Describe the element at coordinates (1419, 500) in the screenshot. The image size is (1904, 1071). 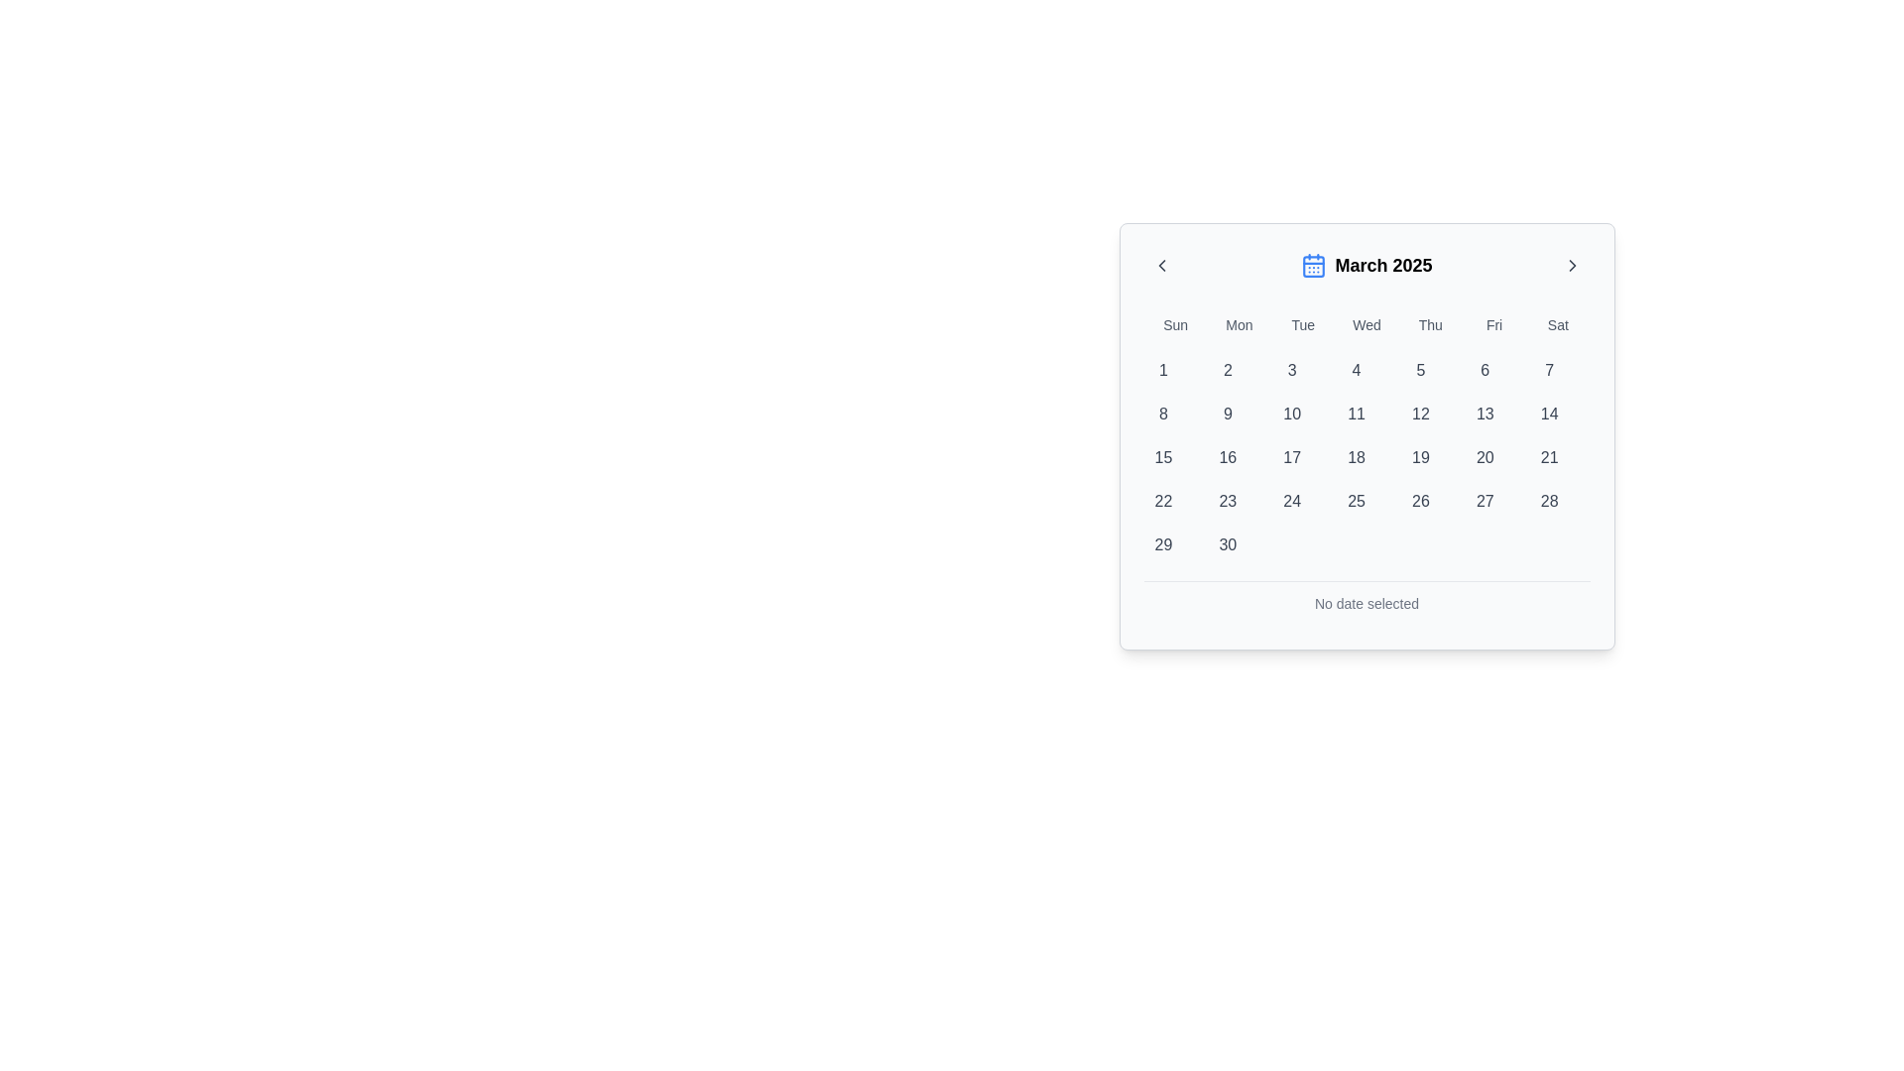
I see `the circular button displaying the number '26' in dark gray text, located` at that location.